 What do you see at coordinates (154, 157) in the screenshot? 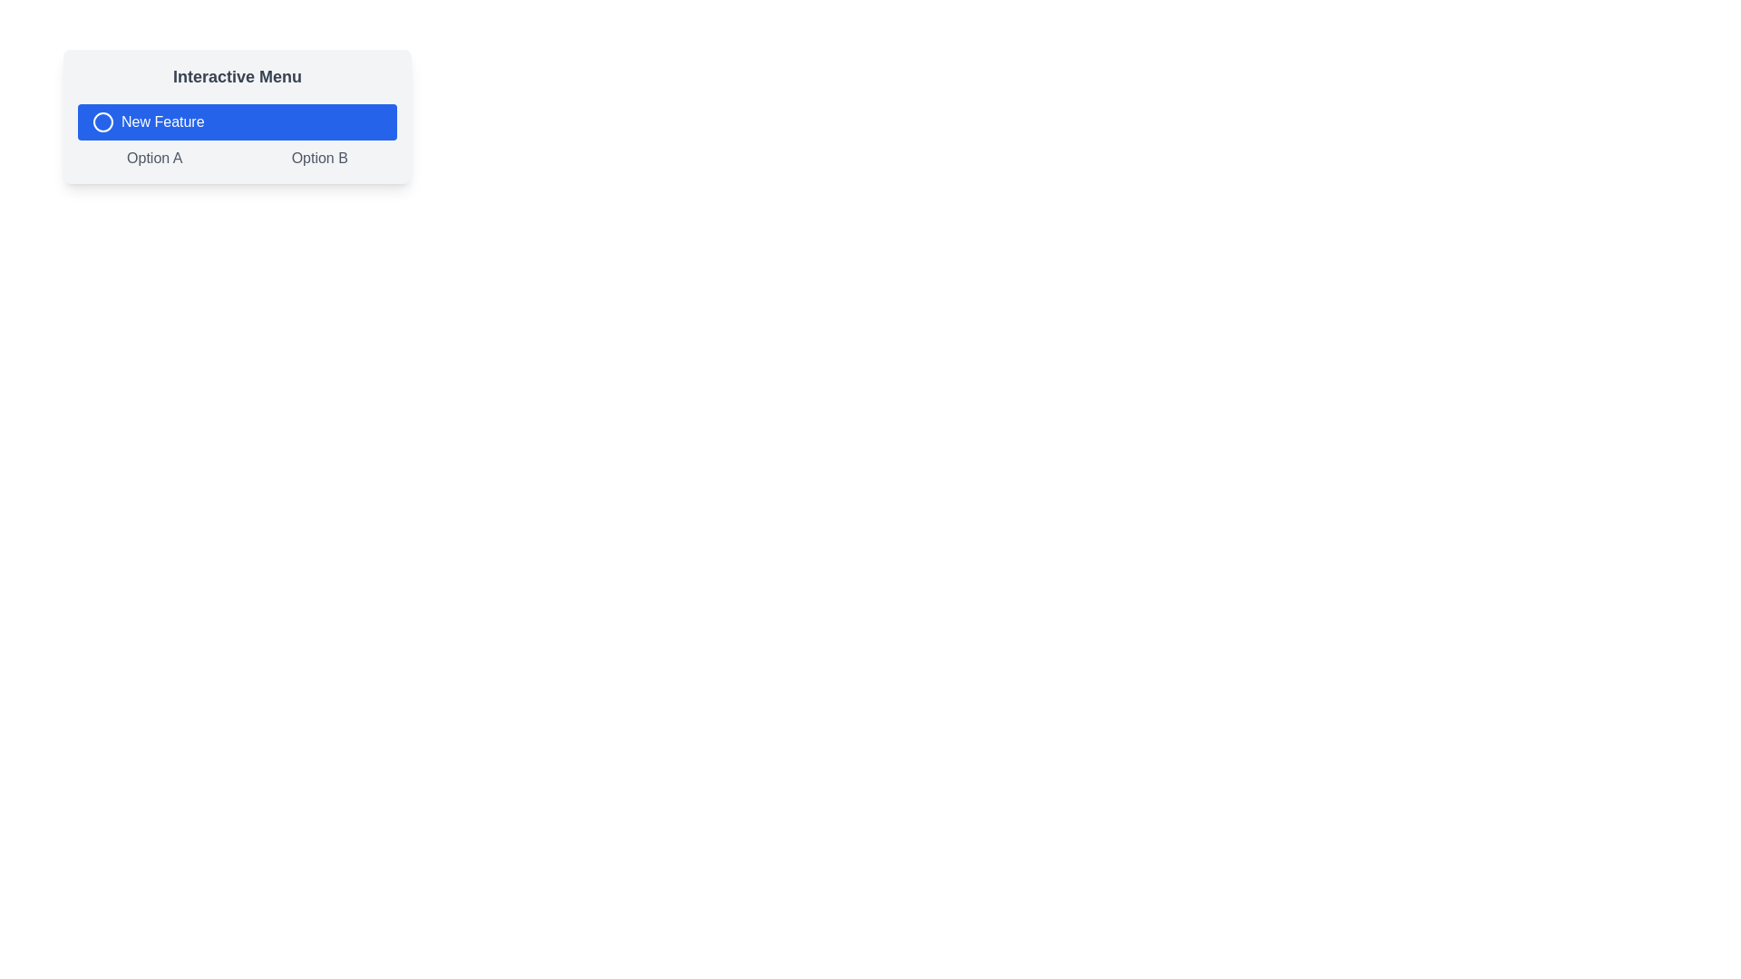
I see `the interactive text link for 'Option A', which is the first selectable option in the menu, located below the 'New Feature' button` at bounding box center [154, 157].